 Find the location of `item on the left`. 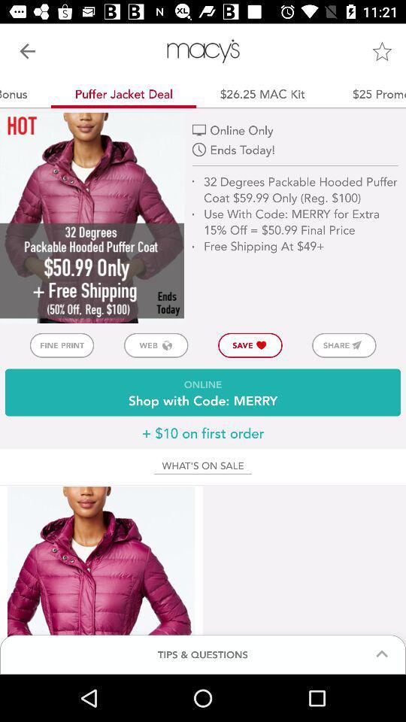

item on the left is located at coordinates (61, 345).